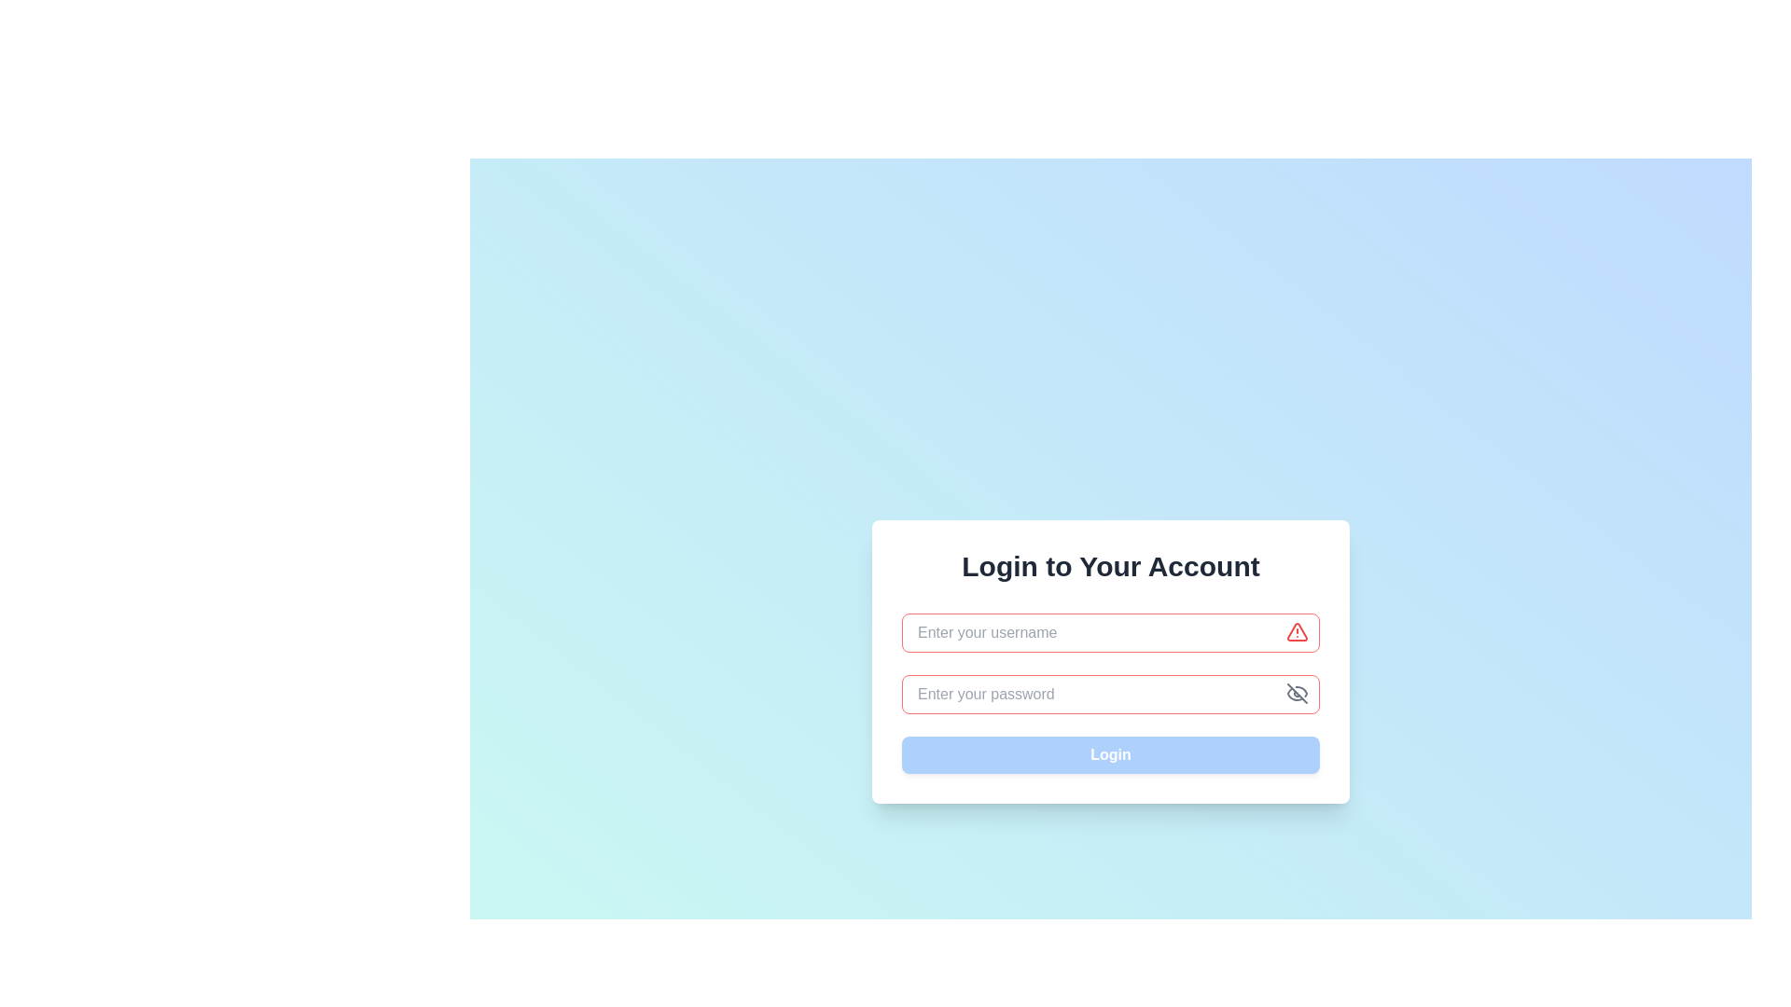  What do you see at coordinates (1297, 694) in the screenshot?
I see `the button located at the top-right corner of the password input field` at bounding box center [1297, 694].